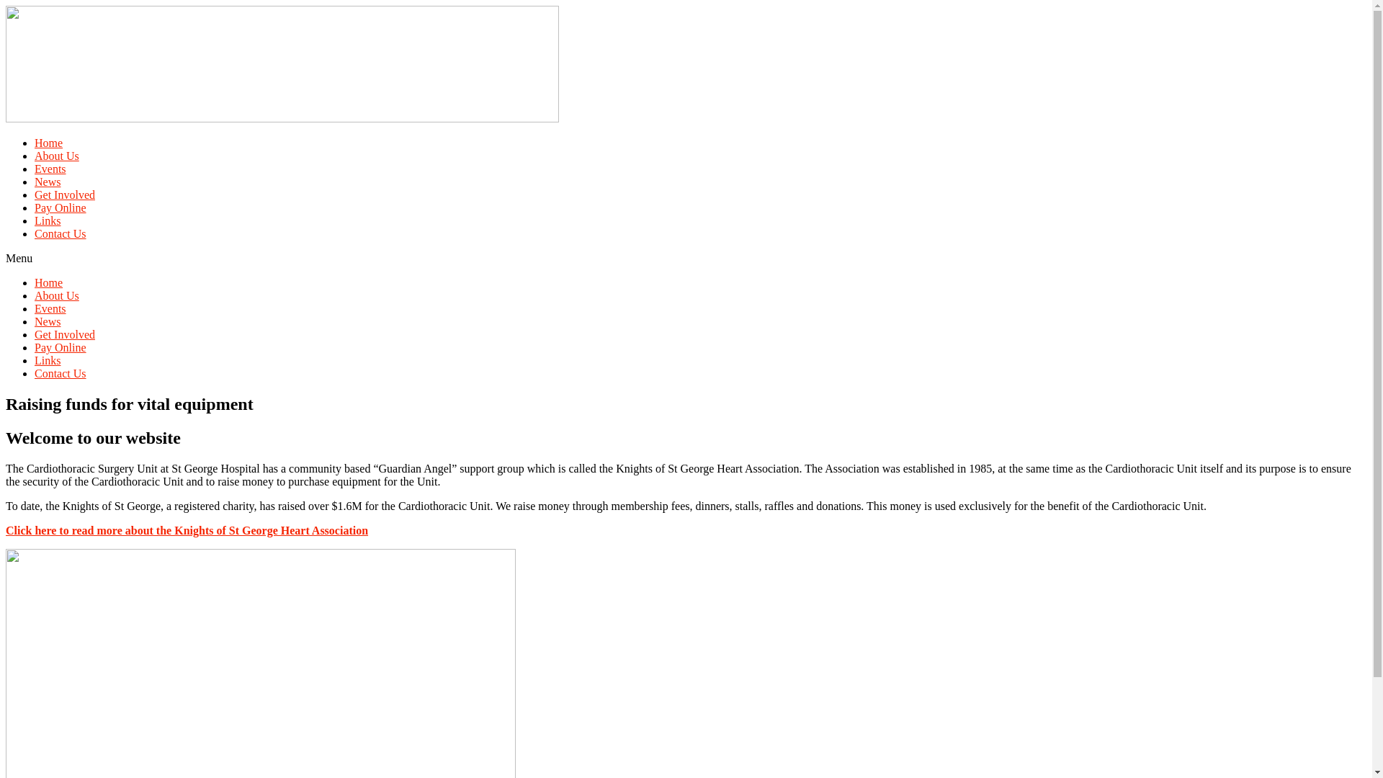 Image resolution: width=1383 pixels, height=778 pixels. What do you see at coordinates (59, 347) in the screenshot?
I see `'Pay Online'` at bounding box center [59, 347].